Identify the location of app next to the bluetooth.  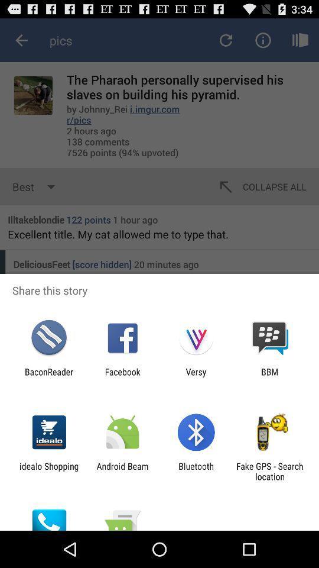
(269, 471).